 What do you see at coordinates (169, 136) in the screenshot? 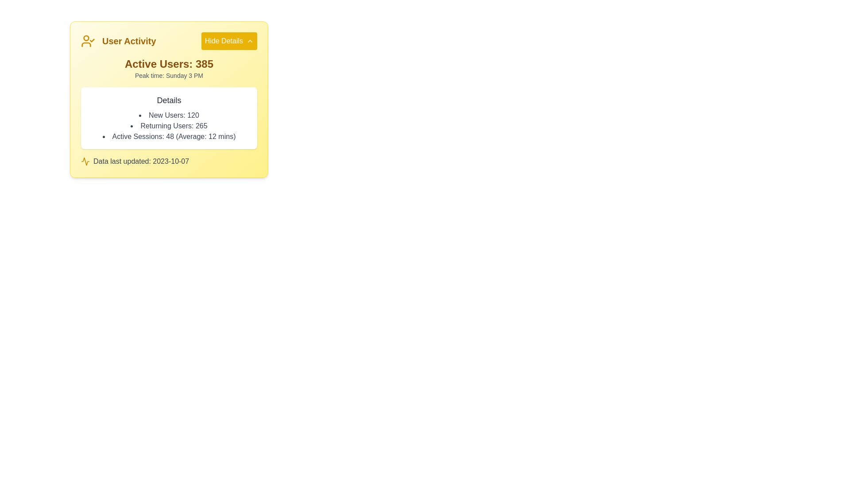
I see `the text label displaying 'Active Sessions: 48 (Average: 12 mins)' to highlight it` at bounding box center [169, 136].